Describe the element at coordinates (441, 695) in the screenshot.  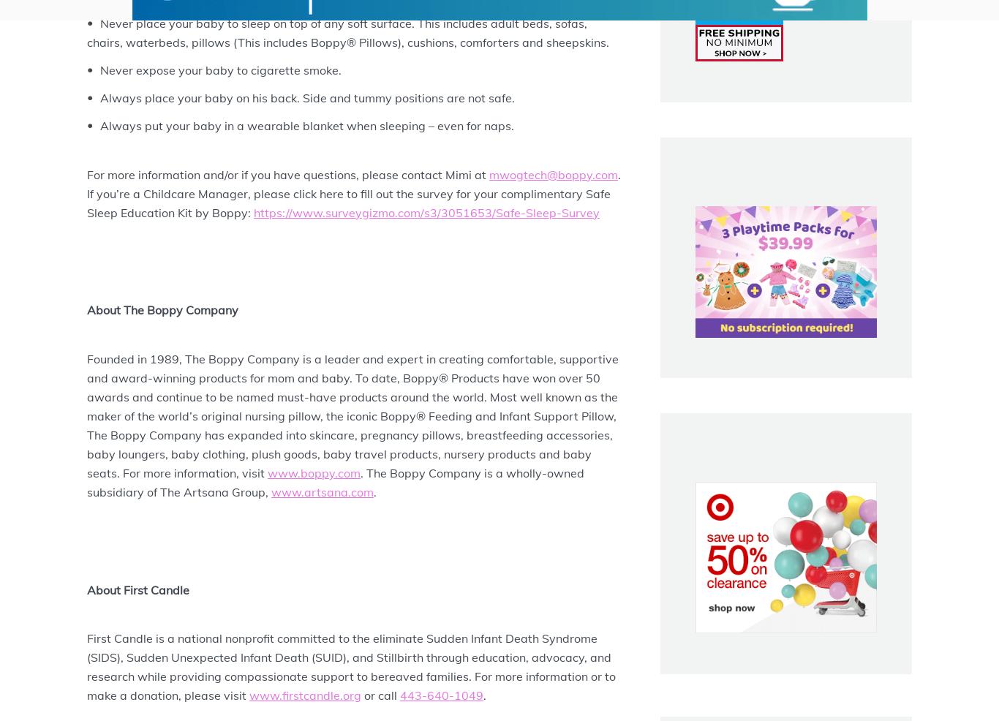
I see `'443-640-1049'` at that location.